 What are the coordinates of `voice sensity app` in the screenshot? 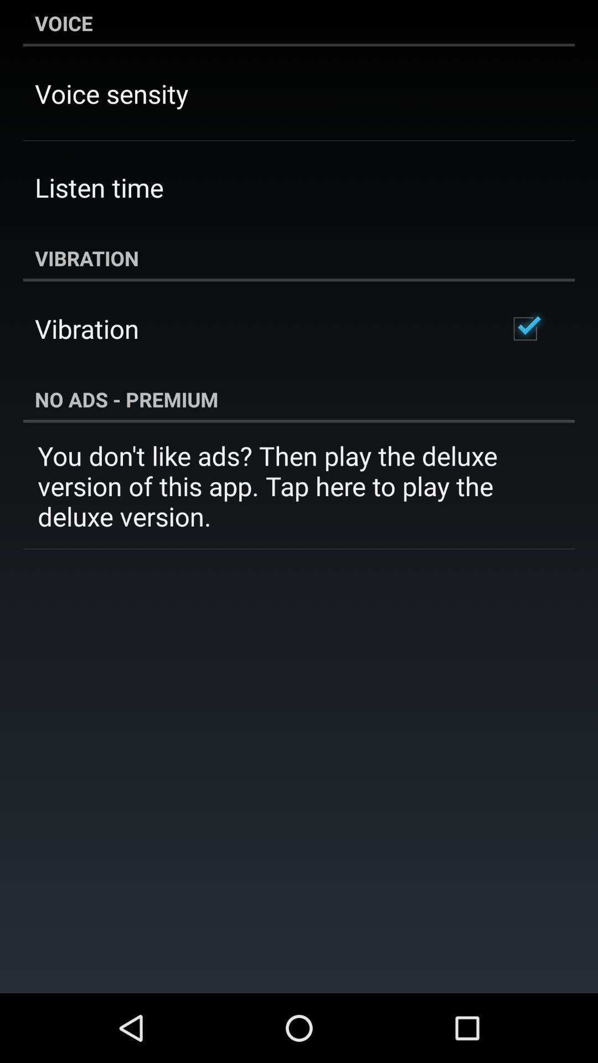 It's located at (111, 94).